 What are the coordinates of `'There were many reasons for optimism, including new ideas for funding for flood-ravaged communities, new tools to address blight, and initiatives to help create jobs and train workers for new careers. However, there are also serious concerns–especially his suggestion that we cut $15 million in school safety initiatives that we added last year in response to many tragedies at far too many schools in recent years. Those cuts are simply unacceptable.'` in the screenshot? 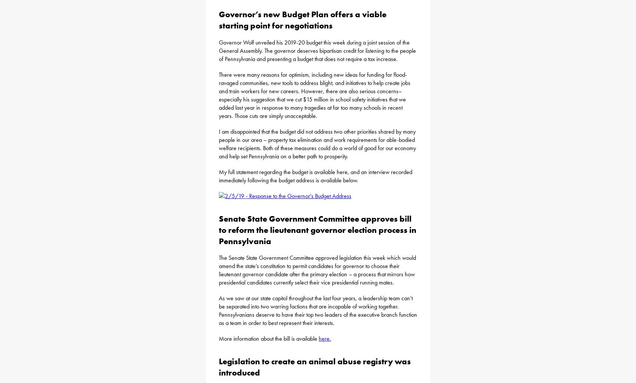 It's located at (314, 95).